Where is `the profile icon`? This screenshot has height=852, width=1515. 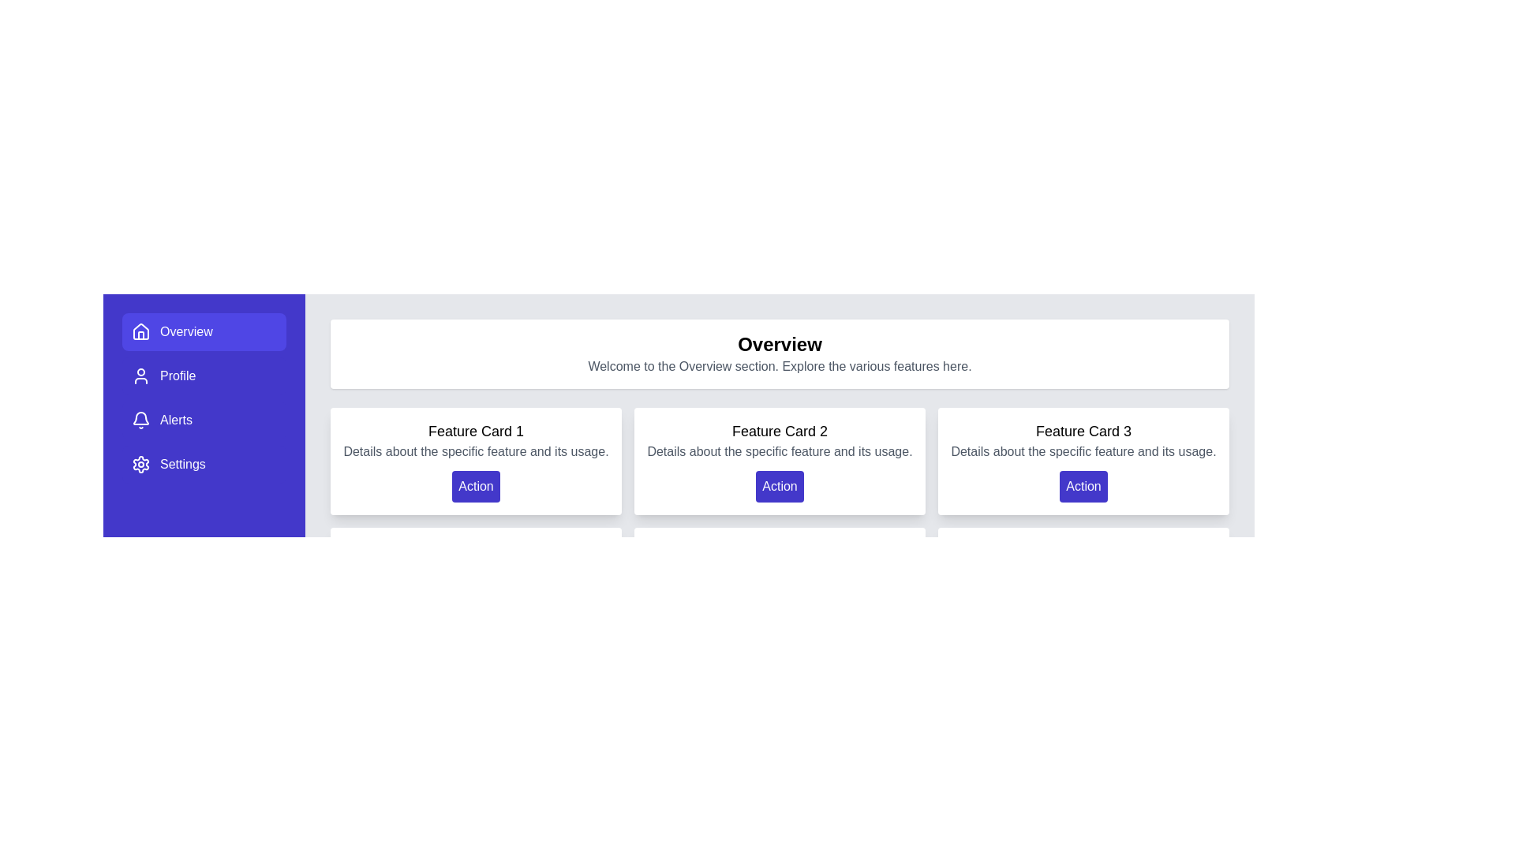 the profile icon is located at coordinates (140, 376).